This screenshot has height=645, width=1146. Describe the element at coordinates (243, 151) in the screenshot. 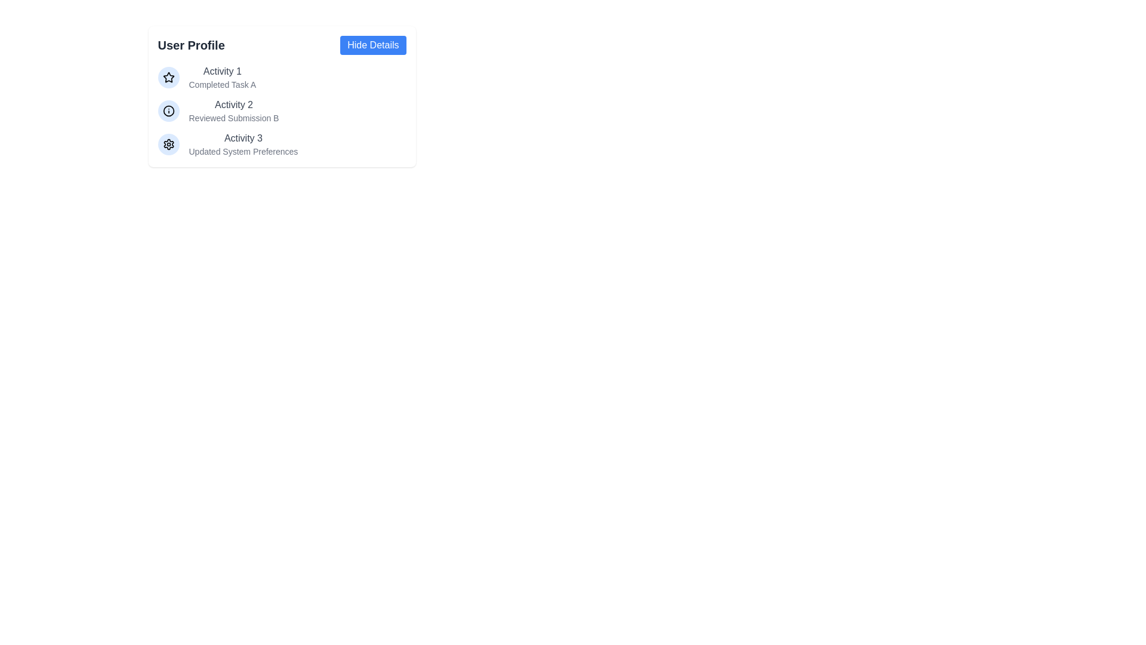

I see `the static text displaying 'Updated System Preferences', which is positioned below the 'Activity 3' title text in a lighter gray color` at that location.